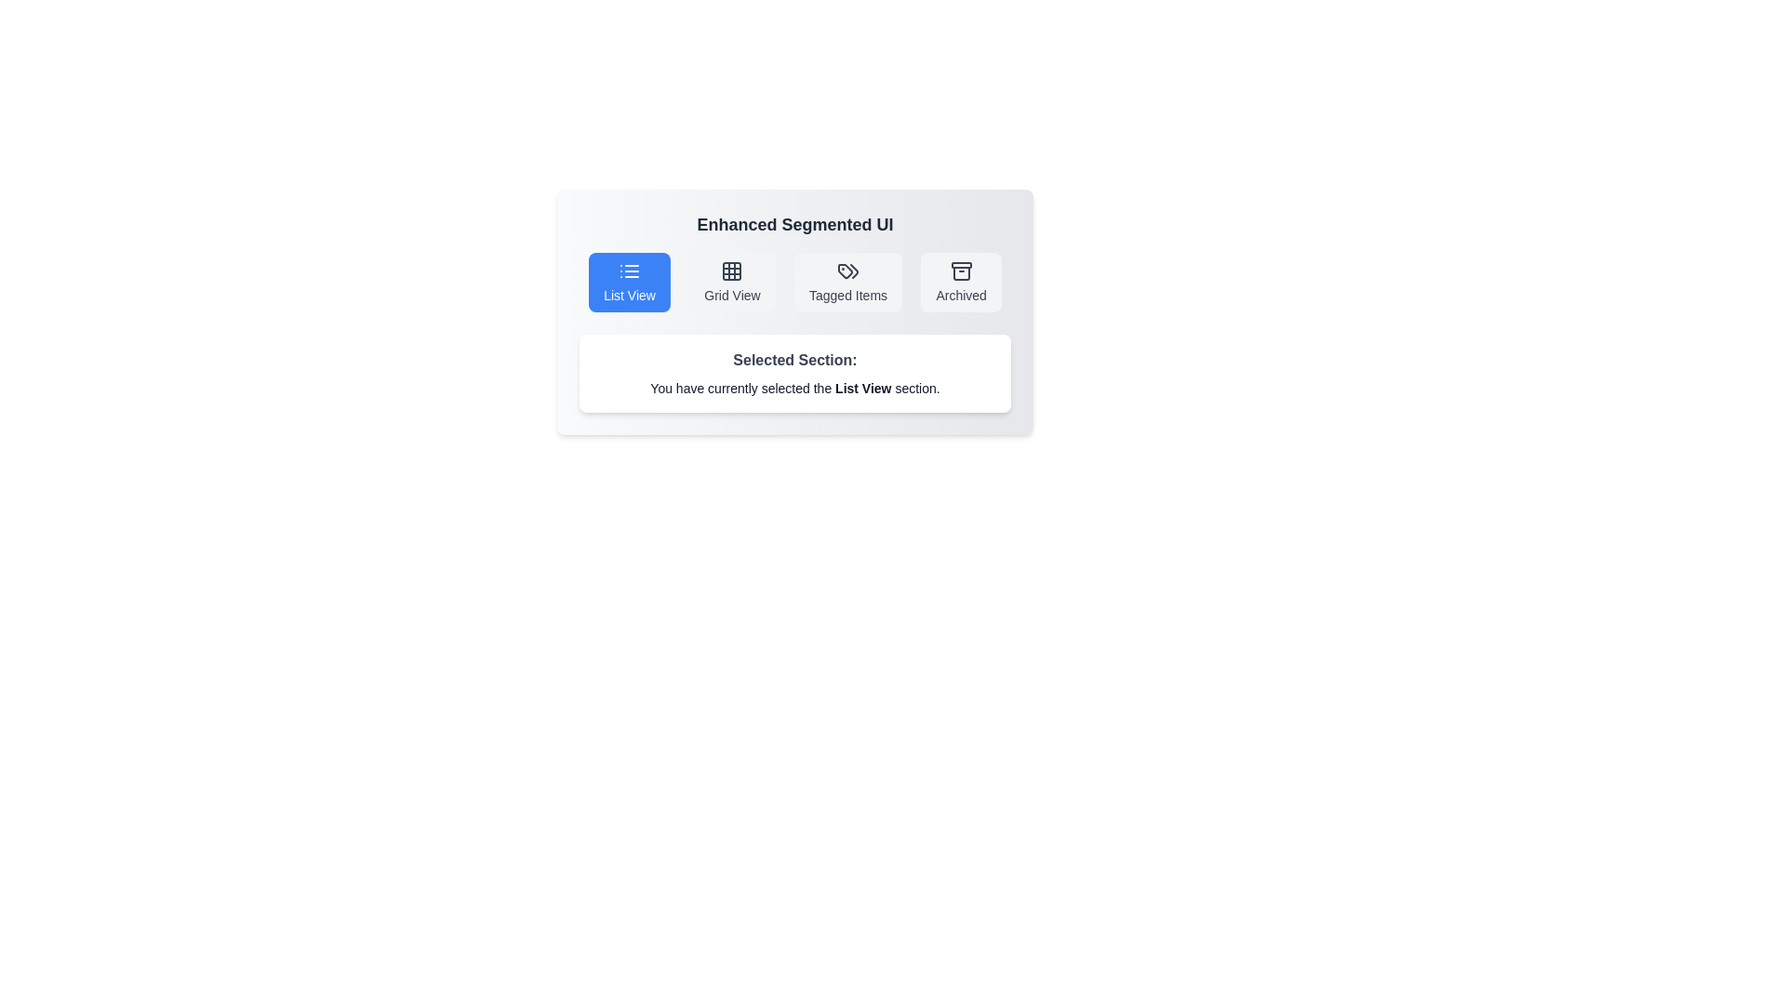  Describe the element at coordinates (862, 387) in the screenshot. I see `the text label that confirms the currently selected view or mode, located in the lower center of the interface beneath the segmented selection buttons` at that location.